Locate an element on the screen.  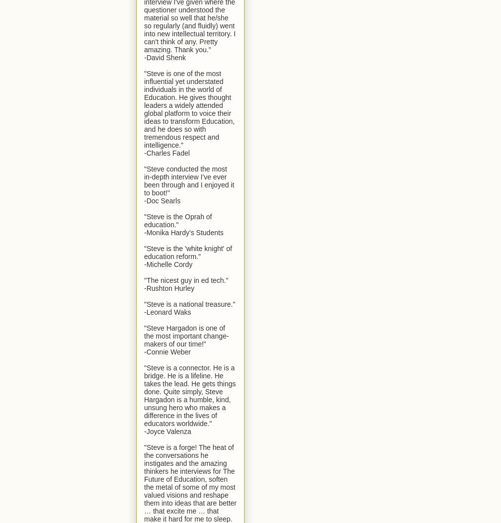
'-Connie Weber' is located at coordinates (167, 351).